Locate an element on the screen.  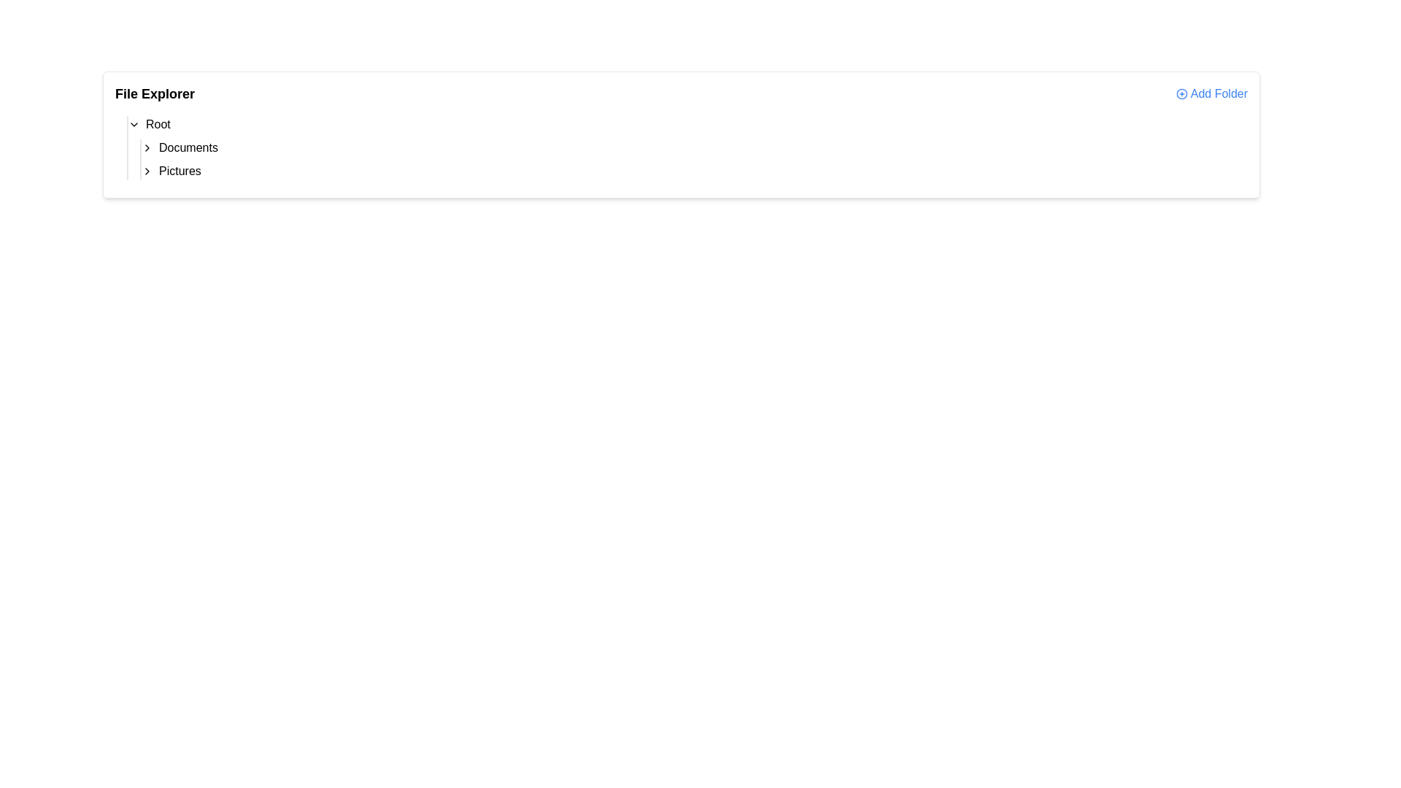
the 'Root' label text in the File Explorer section to initiate a tooltip or highlight is located at coordinates (158, 123).